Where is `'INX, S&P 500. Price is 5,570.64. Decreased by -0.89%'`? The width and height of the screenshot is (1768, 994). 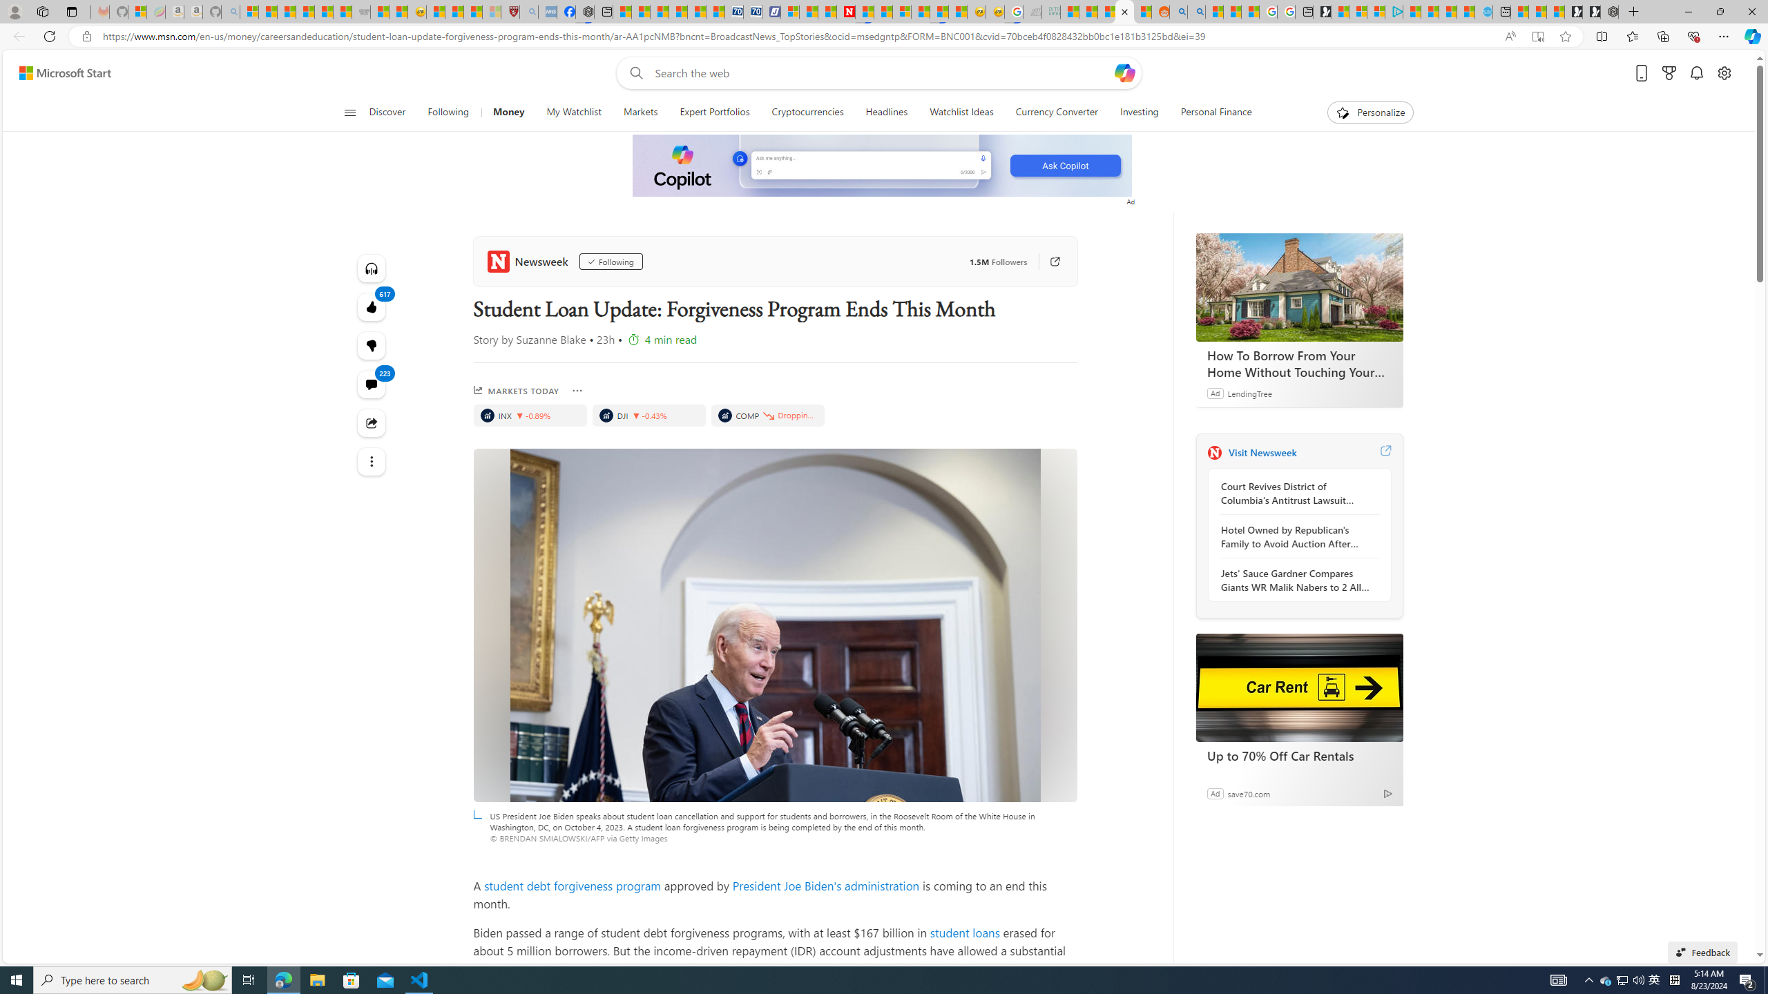
'INX, S&P 500. Price is 5,570.64. Decreased by -0.89%' is located at coordinates (530, 415).